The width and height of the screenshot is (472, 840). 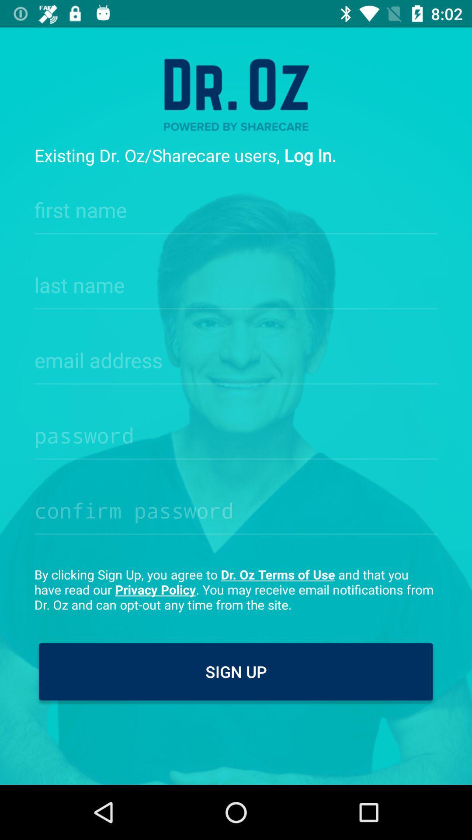 What do you see at coordinates (236, 357) in the screenshot?
I see `where users enter email address` at bounding box center [236, 357].